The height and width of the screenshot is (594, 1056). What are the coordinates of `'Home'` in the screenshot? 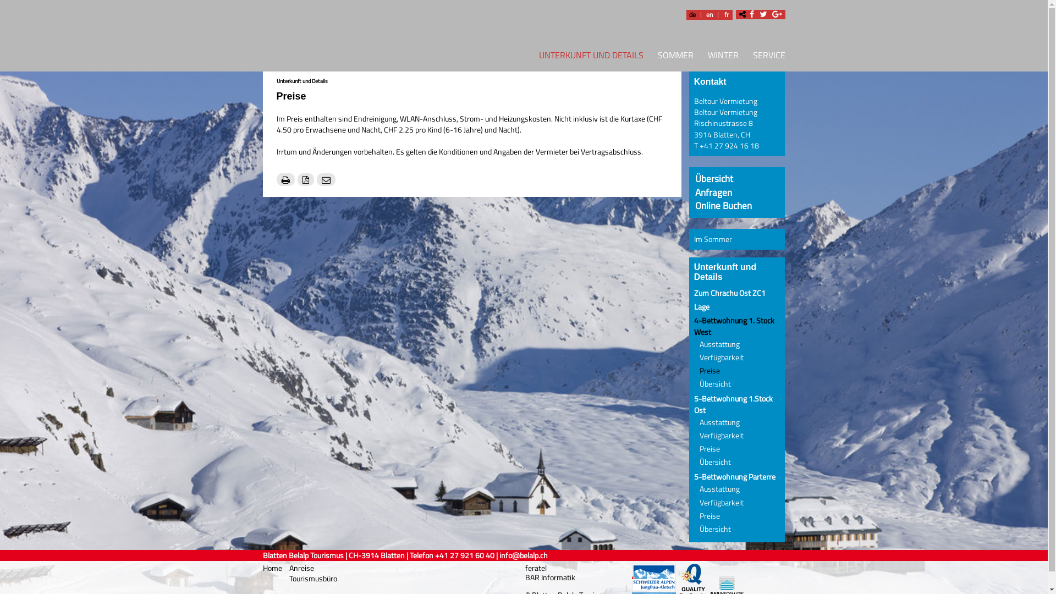 It's located at (262, 568).